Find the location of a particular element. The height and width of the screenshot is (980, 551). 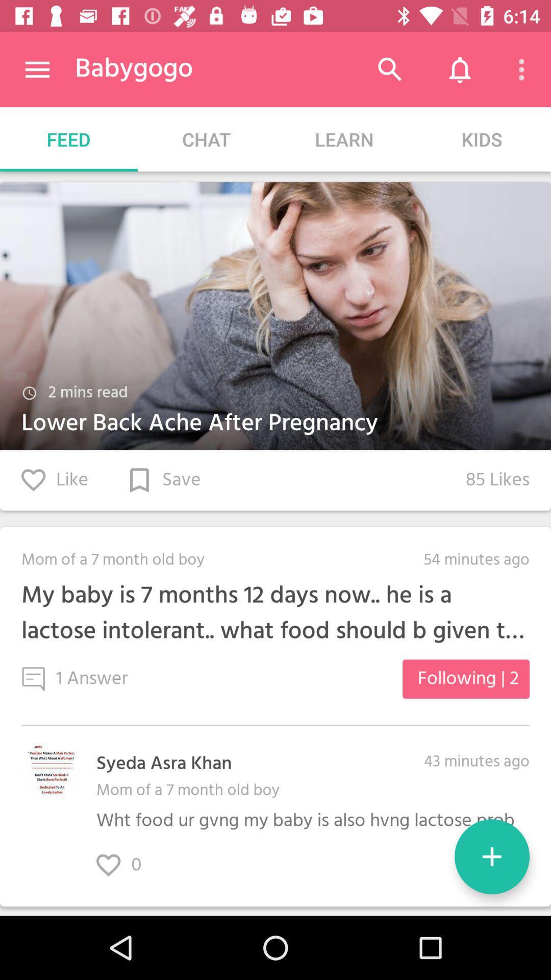

the item next to syeda asra khan icon is located at coordinates (51, 771).